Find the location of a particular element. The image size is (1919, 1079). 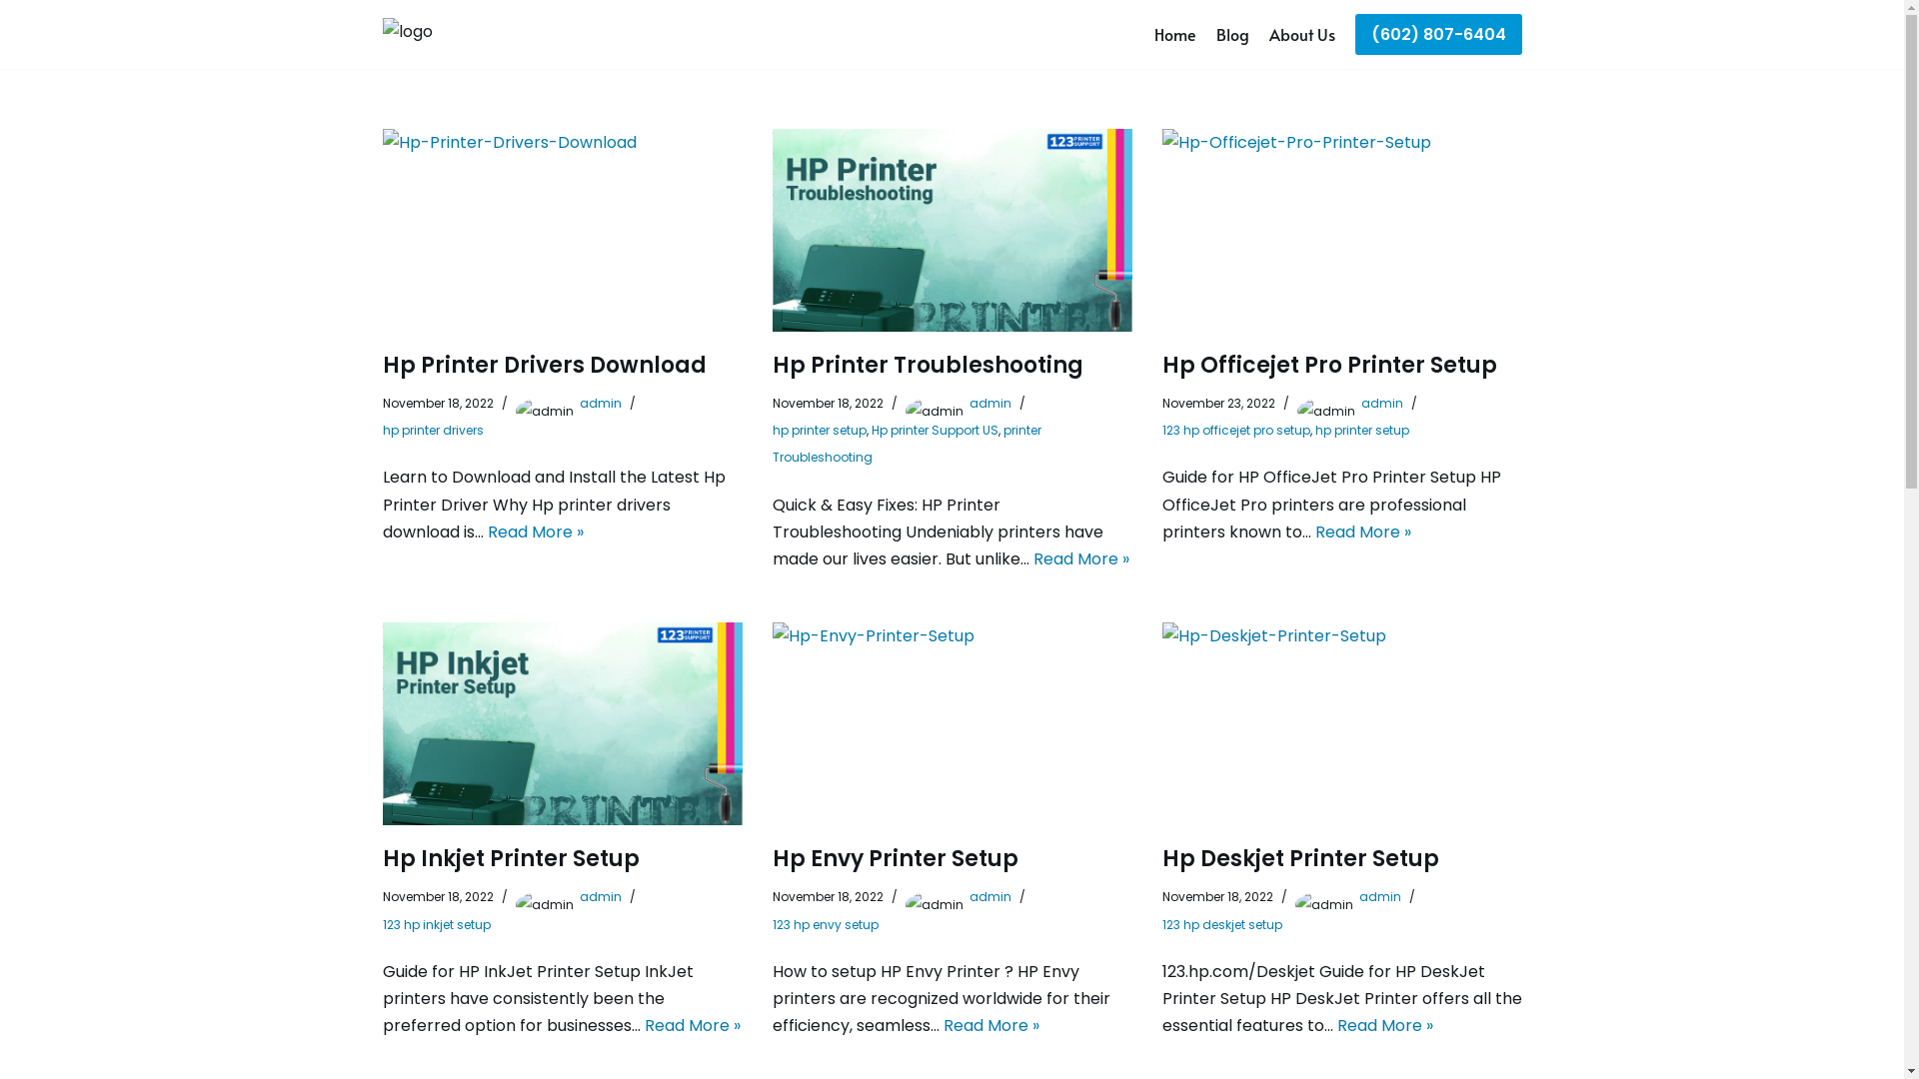

'Home' is located at coordinates (1174, 34).